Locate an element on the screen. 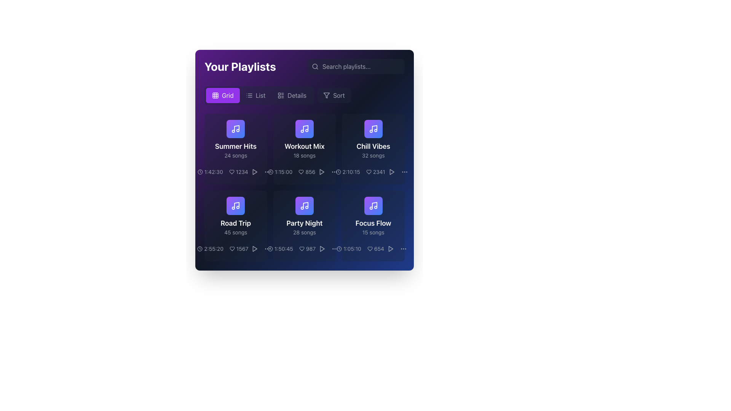 Image resolution: width=731 pixels, height=411 pixels. the non-interactive label displaying the number of likes or favorites for the 'Party Night' playlist, located below the title and aligned with other metadata is located at coordinates (305, 249).